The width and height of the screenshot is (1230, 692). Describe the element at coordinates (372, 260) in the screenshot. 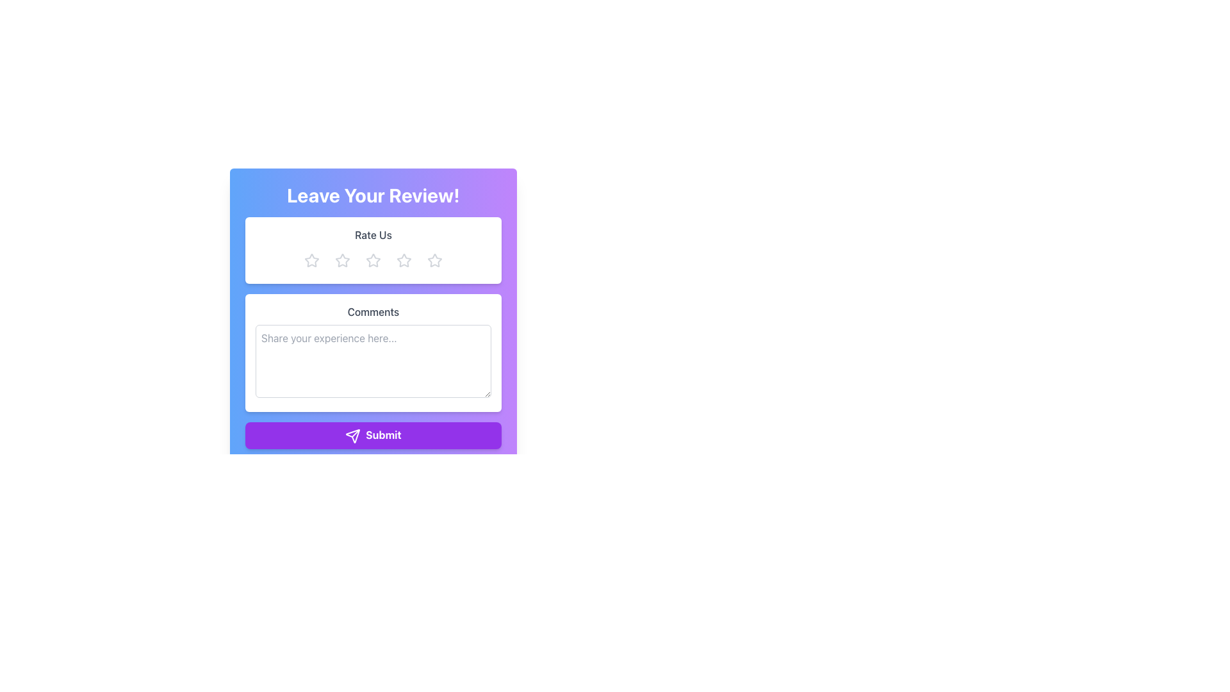

I see `the second star in the 'Rate Us' section` at that location.